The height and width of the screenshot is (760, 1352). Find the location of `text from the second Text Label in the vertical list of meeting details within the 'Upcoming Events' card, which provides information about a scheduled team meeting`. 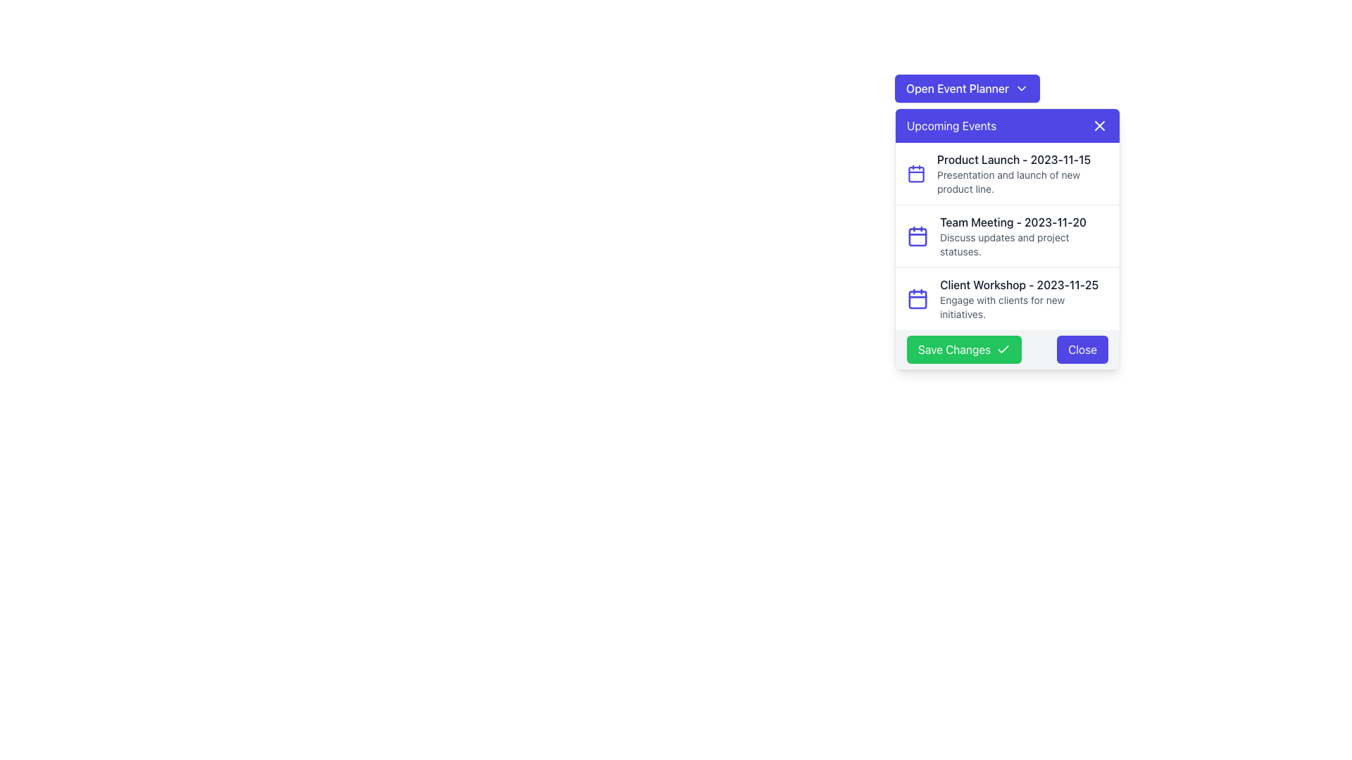

text from the second Text Label in the vertical list of meeting details within the 'Upcoming Events' card, which provides information about a scheduled team meeting is located at coordinates (1024, 235).